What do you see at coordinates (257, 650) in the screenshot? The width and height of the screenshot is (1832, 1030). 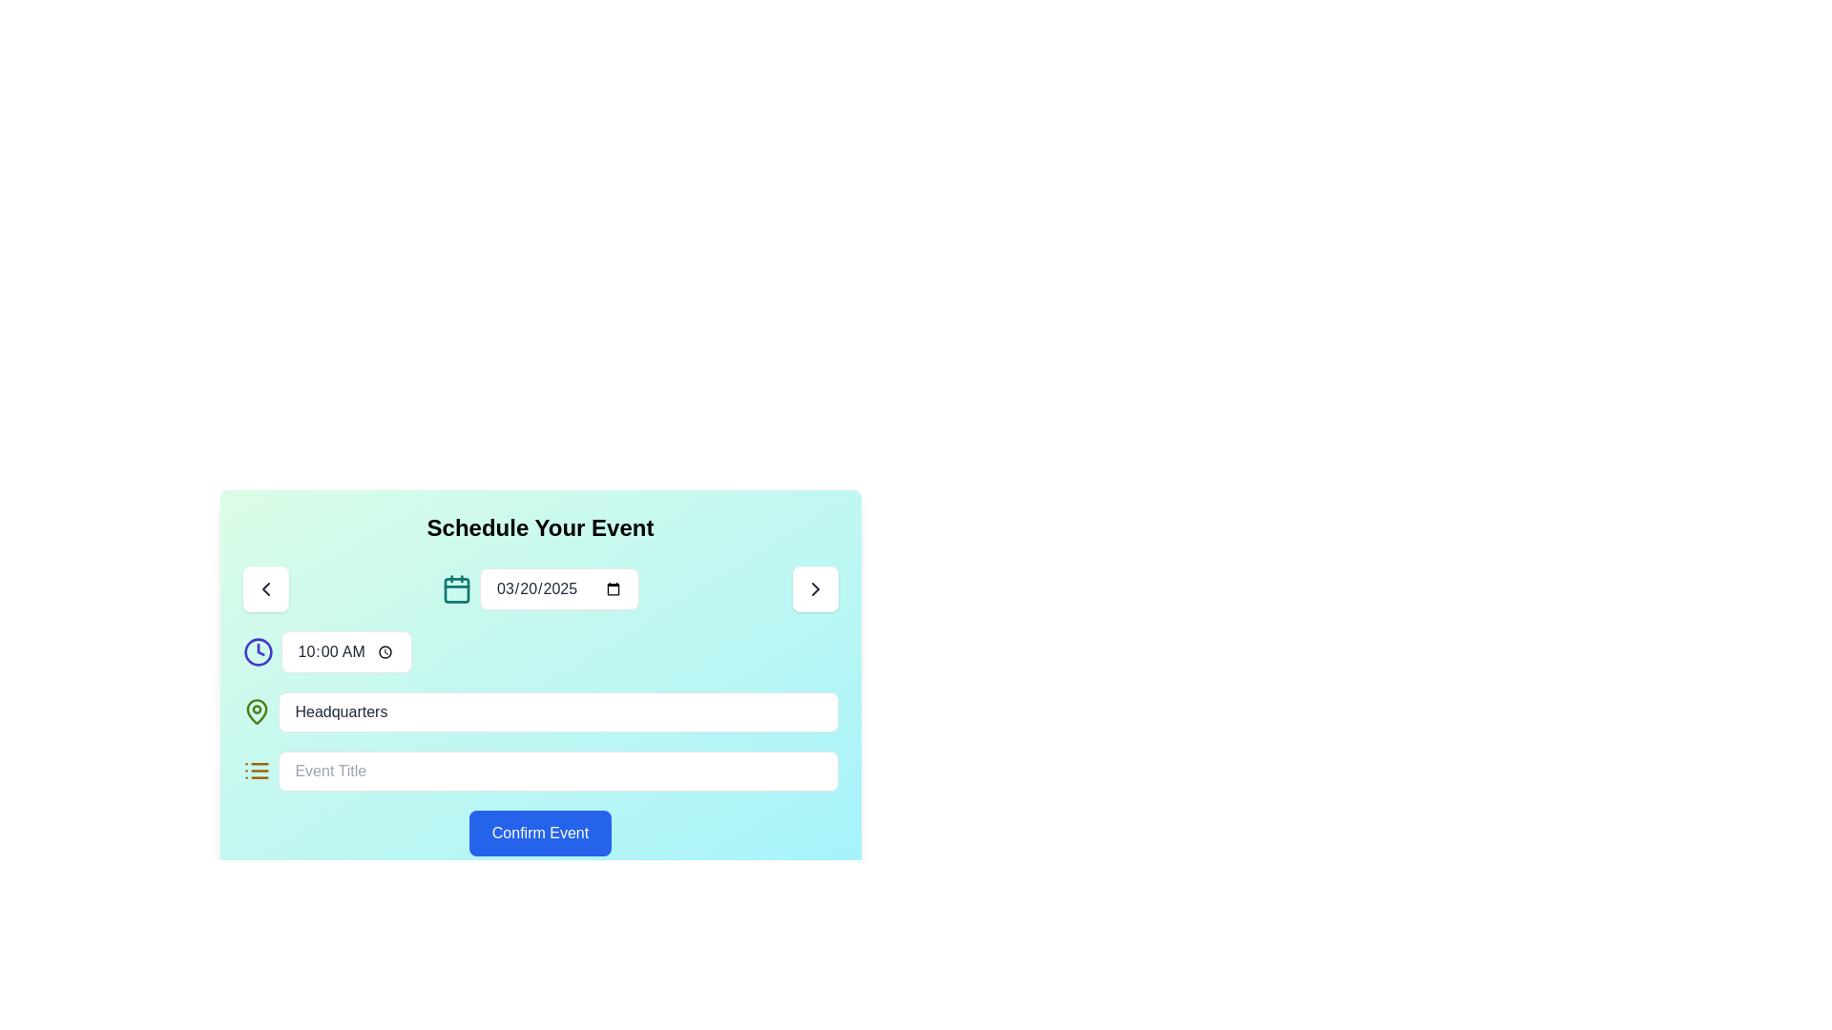 I see `the circular clock-like icon within the 'Schedule Your Event' form, which features a blue stroke and is part of the clock face` at bounding box center [257, 650].